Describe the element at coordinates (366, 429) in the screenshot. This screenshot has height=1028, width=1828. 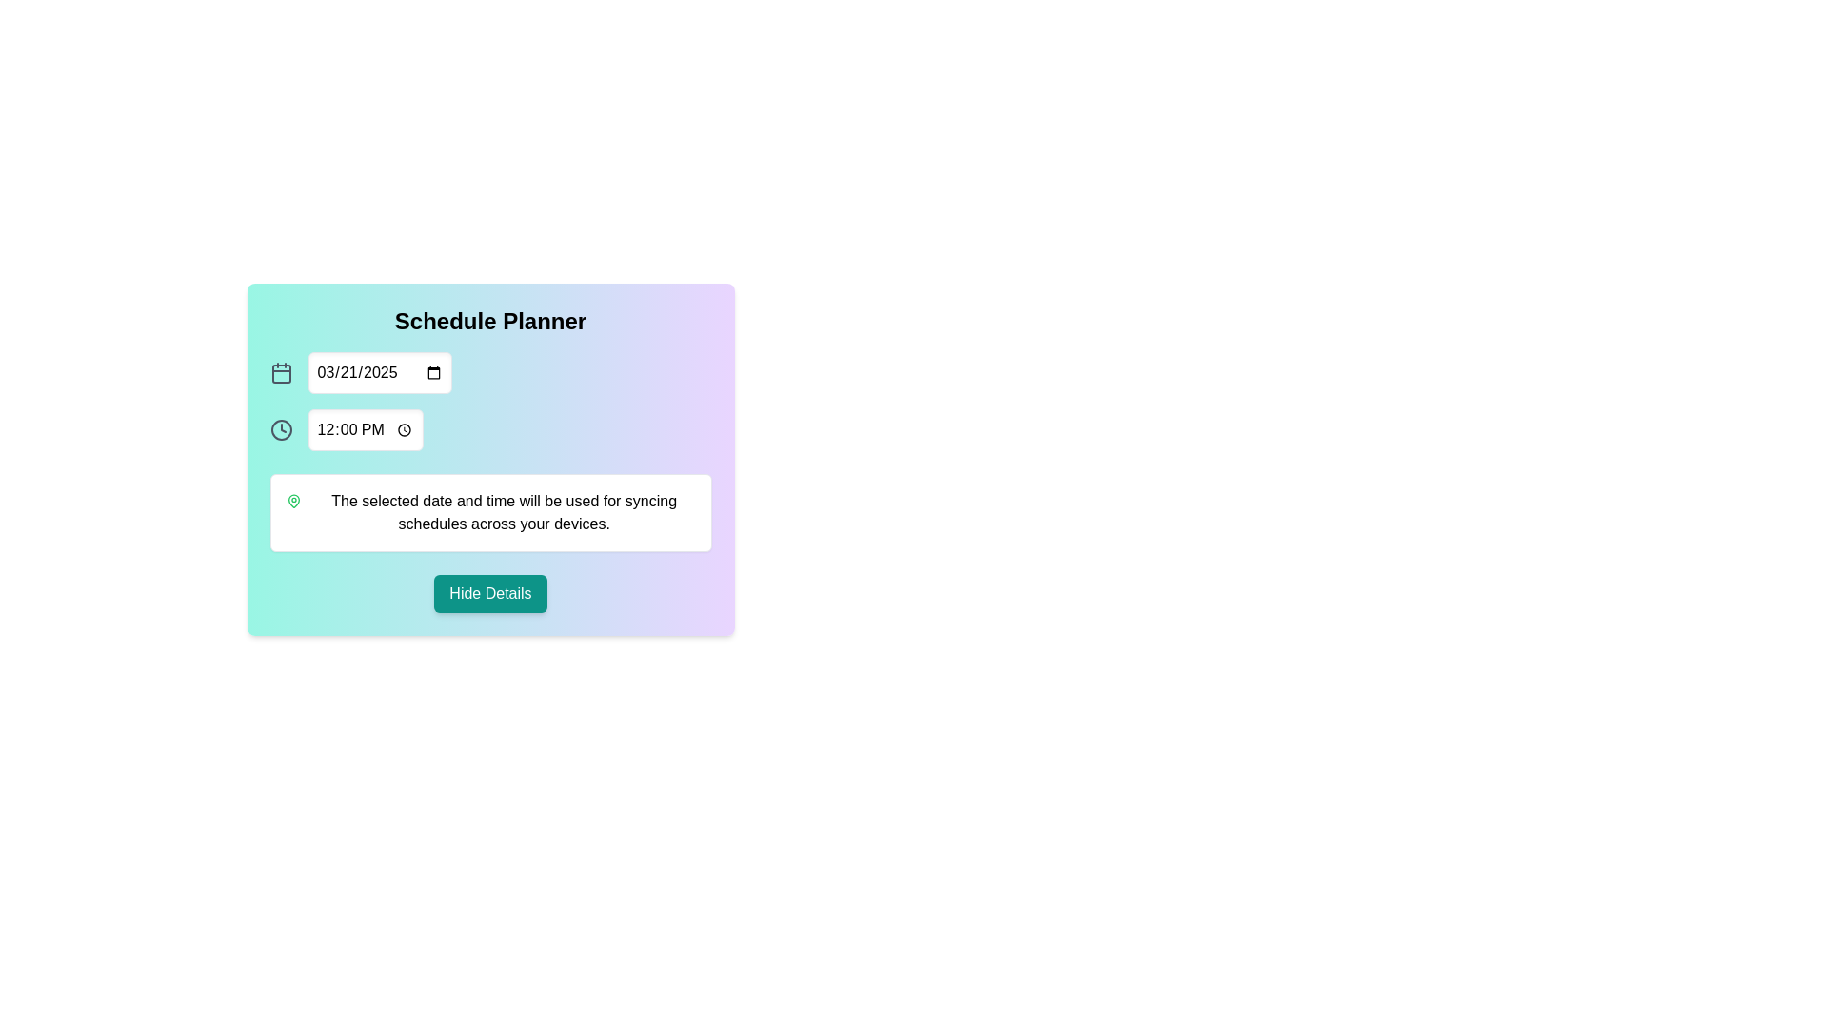
I see `the Time input field, which is the second item in a group with a clock icon on the left, to focus the input field` at that location.